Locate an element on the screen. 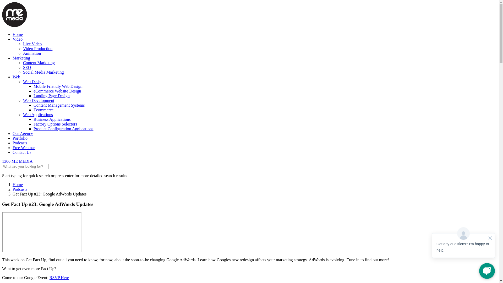  'Marketing' is located at coordinates (13, 58).